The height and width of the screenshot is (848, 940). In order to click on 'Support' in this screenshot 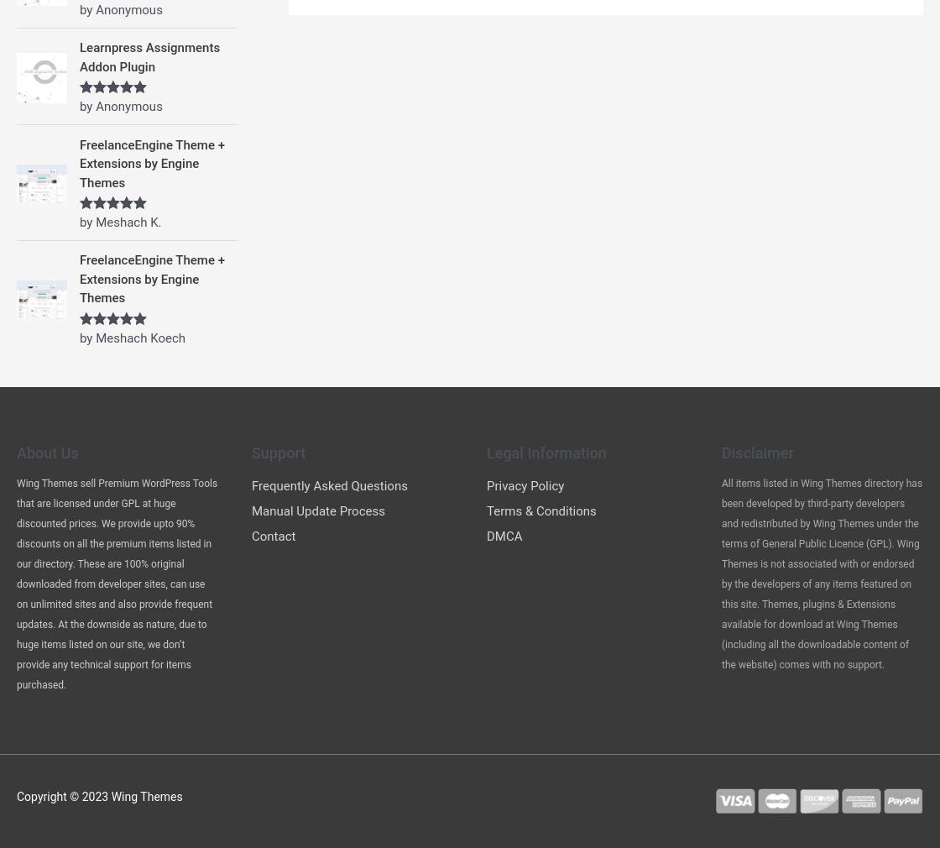, I will do `click(278, 451)`.